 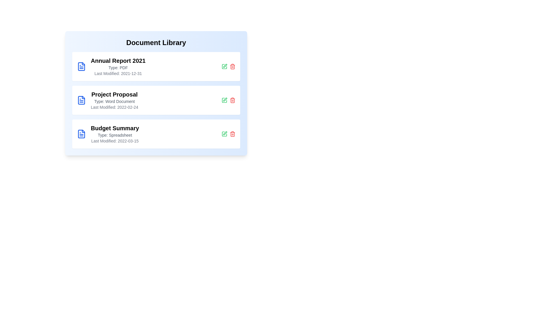 What do you see at coordinates (224, 100) in the screenshot?
I see `the edit button for the document titled 'Project Proposal'` at bounding box center [224, 100].